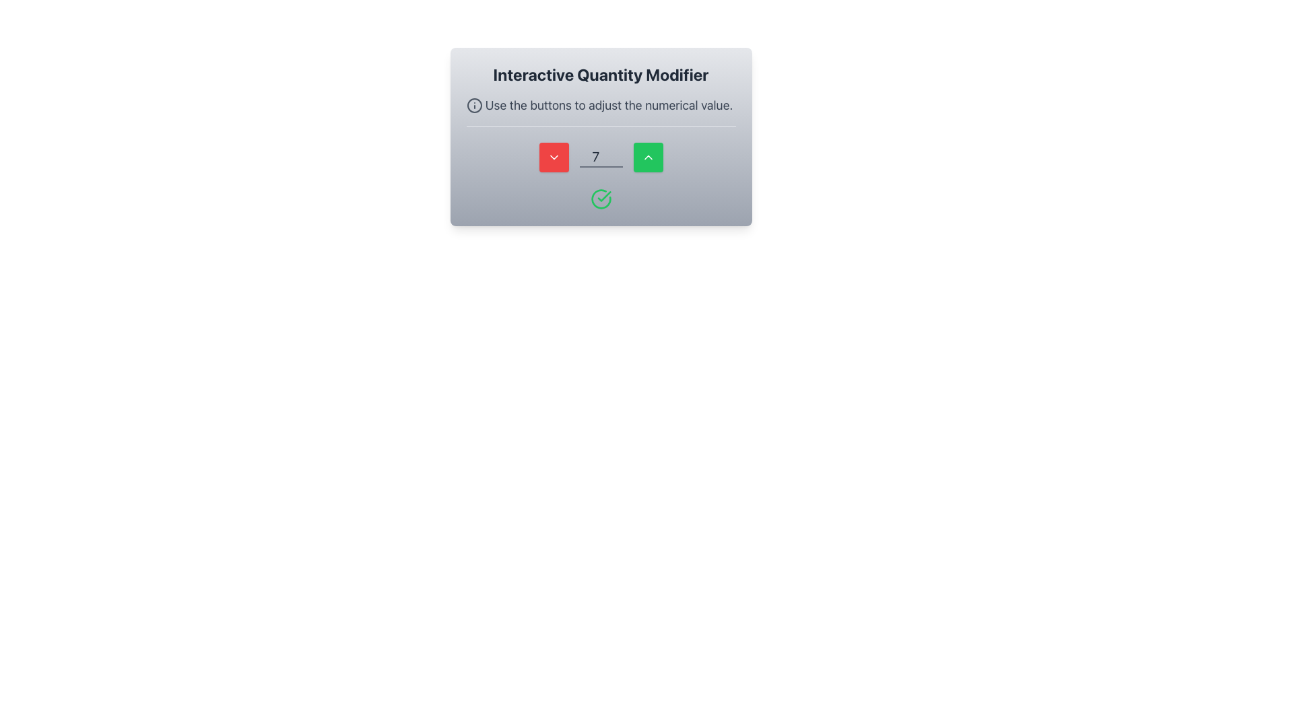  Describe the element at coordinates (600, 199) in the screenshot. I see `the circular green icon with a checkmark, located below the numerical input field and increment/decrement buttons` at that location.